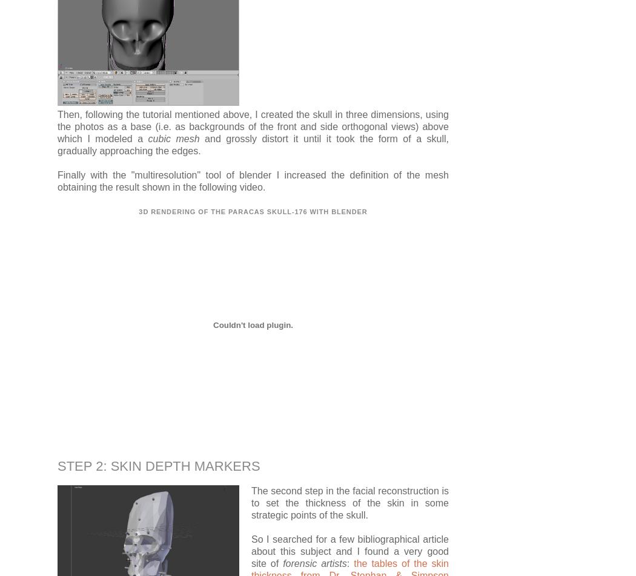  I want to click on 'So I searched for a few bibliographical article about this
		subject and I found a very good site of', so click(349, 551).